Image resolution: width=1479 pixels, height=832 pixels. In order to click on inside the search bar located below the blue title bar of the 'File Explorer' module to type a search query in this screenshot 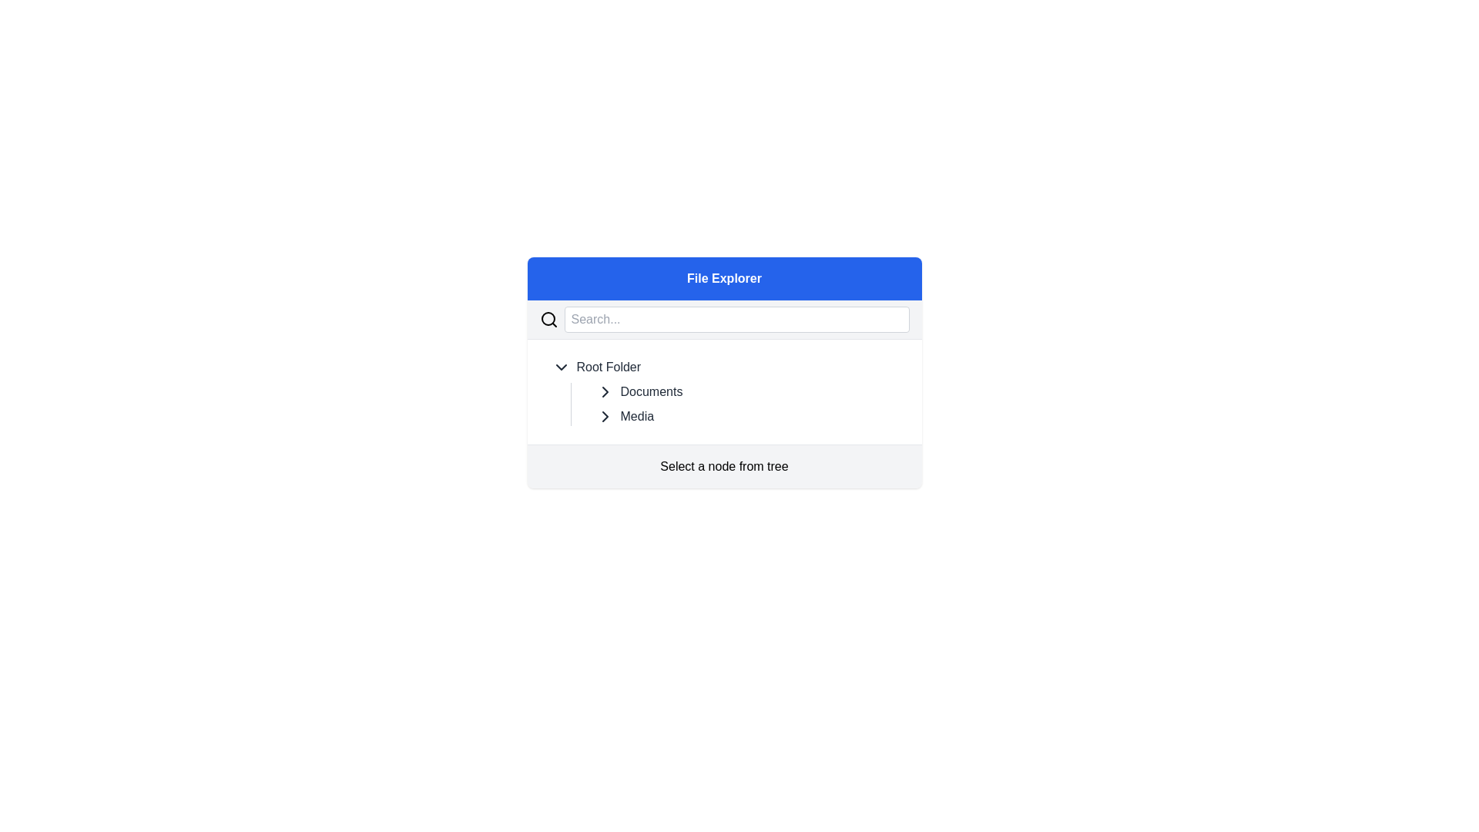, I will do `click(723, 319)`.